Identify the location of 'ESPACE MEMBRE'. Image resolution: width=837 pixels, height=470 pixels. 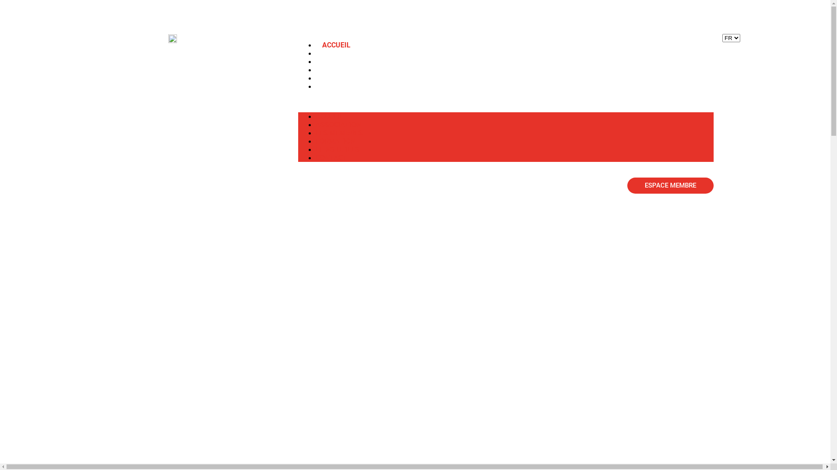
(627, 185).